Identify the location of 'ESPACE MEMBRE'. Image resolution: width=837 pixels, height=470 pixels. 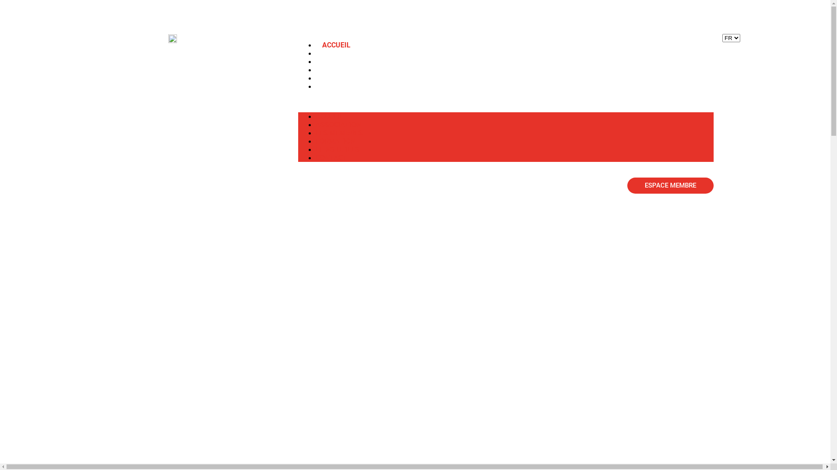
(627, 185).